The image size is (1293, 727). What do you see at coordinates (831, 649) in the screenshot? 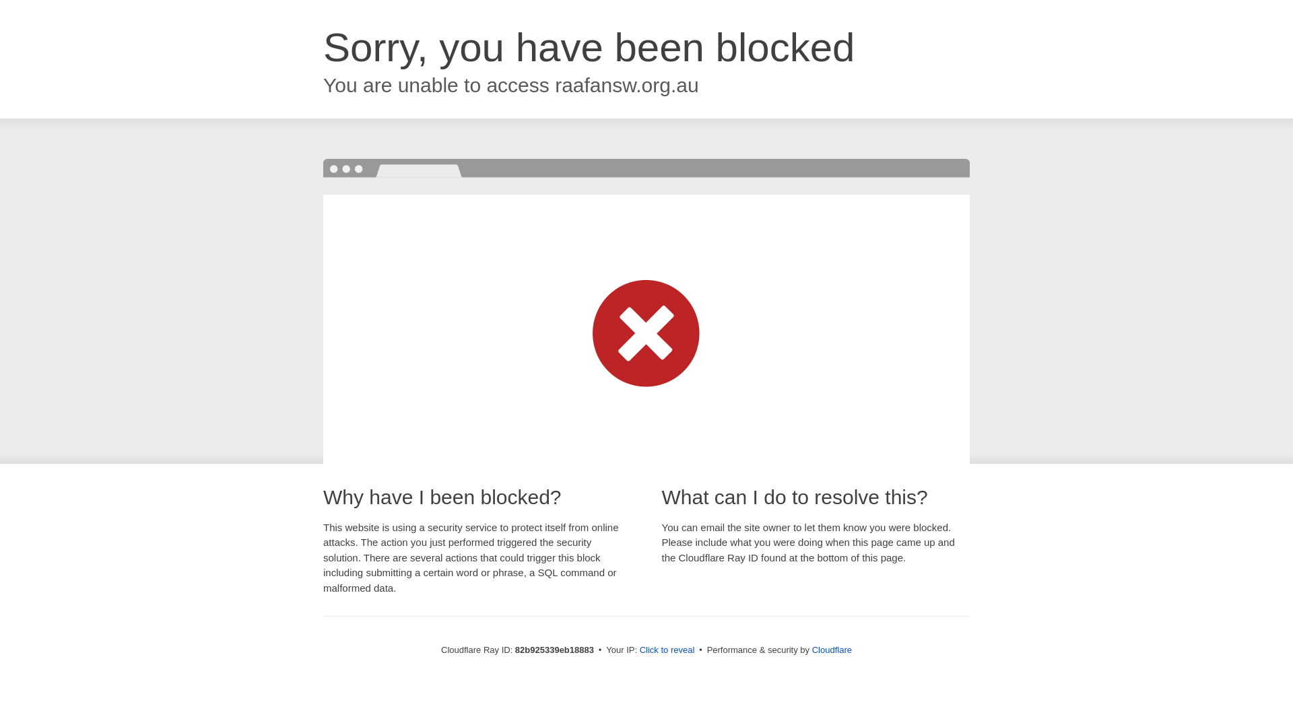
I see `'Cloudflare'` at bounding box center [831, 649].